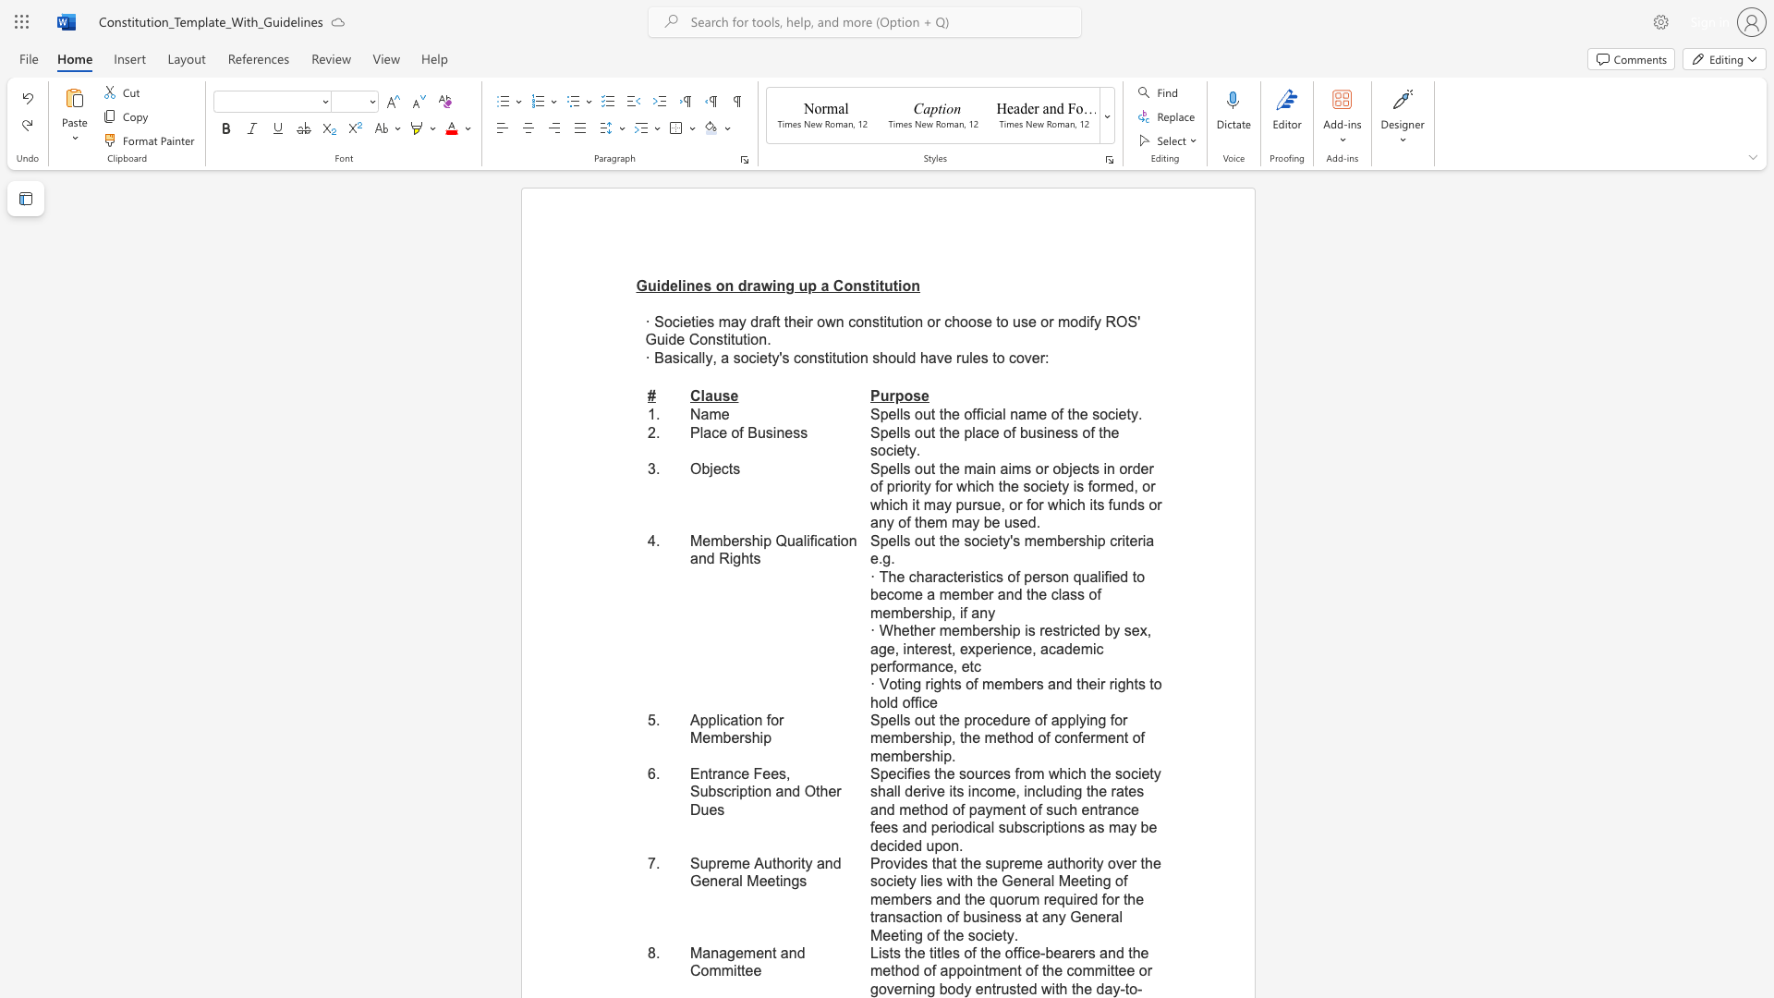 This screenshot has width=1774, height=998. Describe the element at coordinates (1091, 321) in the screenshot. I see `the 2th character "f" in the text` at that location.